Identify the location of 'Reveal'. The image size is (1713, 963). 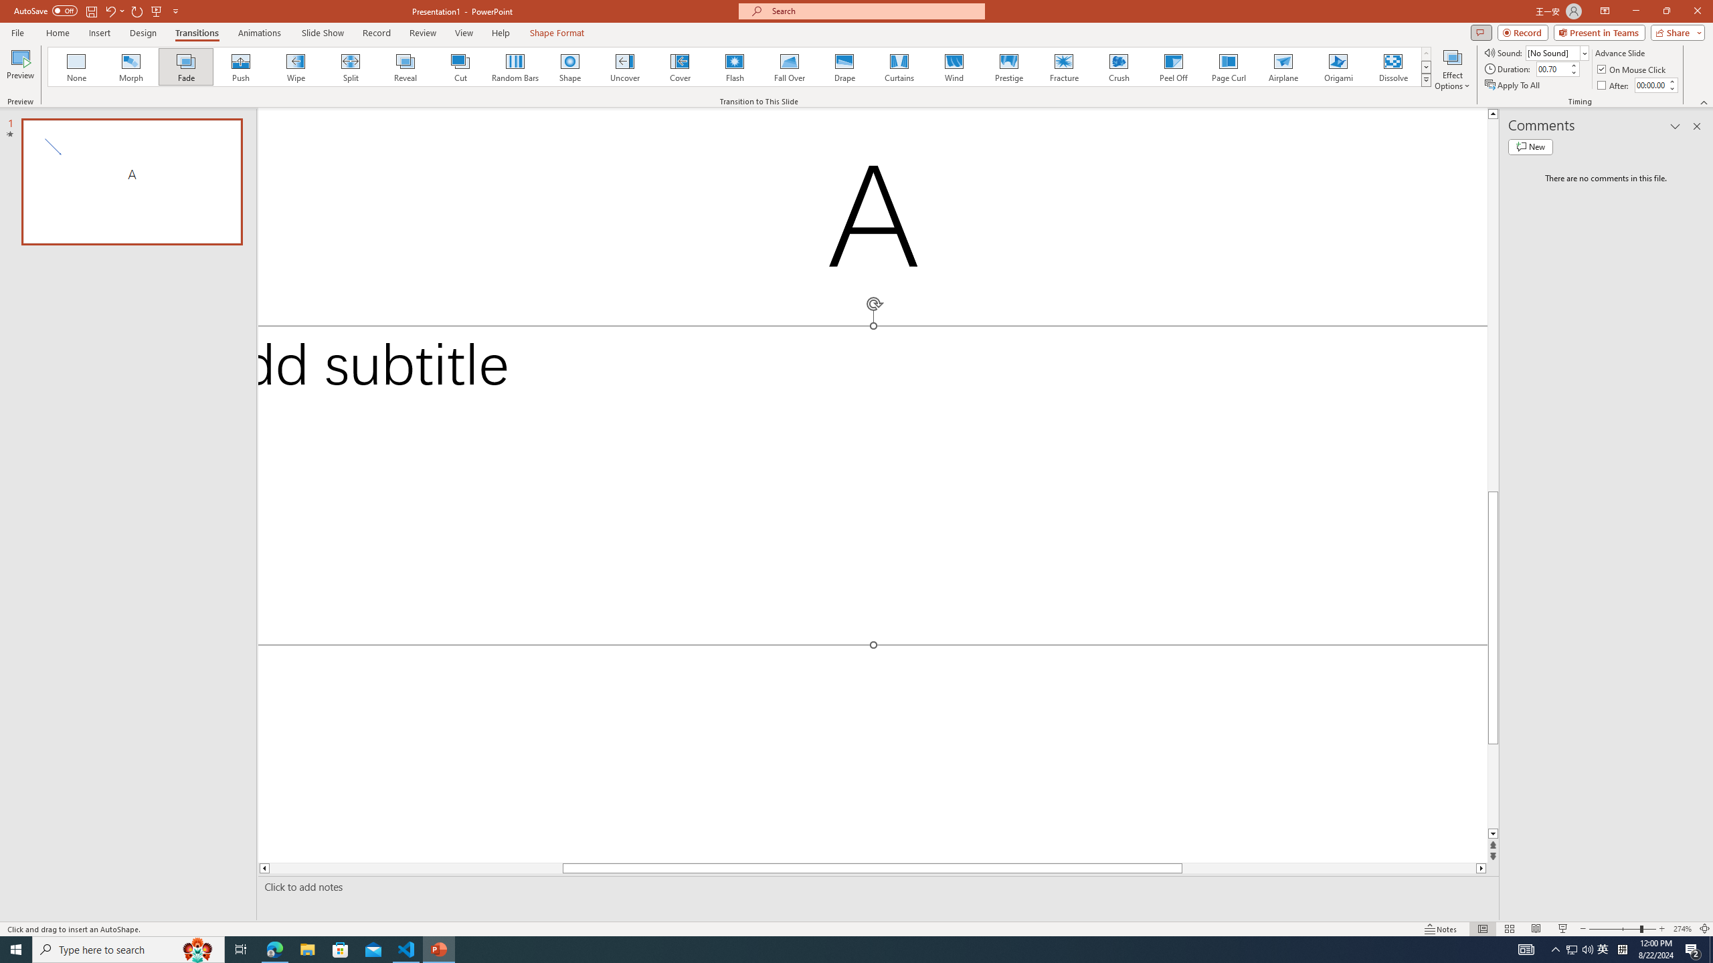
(405, 66).